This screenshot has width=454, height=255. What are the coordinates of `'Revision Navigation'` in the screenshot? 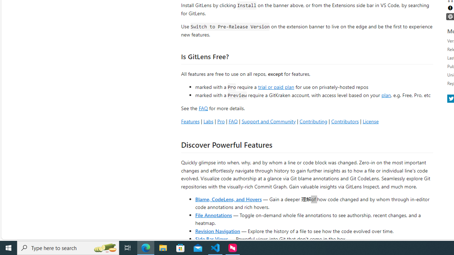 It's located at (217, 231).